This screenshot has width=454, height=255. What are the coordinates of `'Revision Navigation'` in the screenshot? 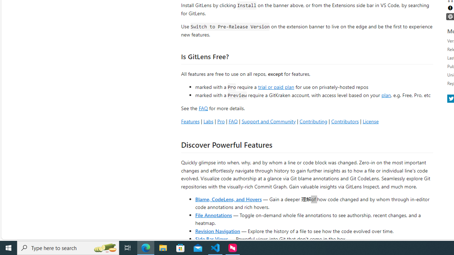 It's located at (217, 231).